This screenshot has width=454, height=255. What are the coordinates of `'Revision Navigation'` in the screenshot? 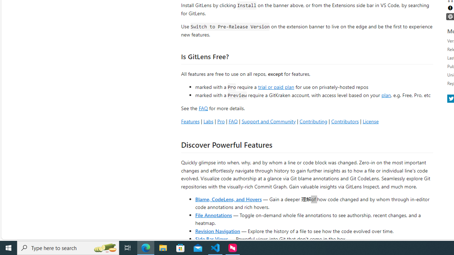 It's located at (217, 231).